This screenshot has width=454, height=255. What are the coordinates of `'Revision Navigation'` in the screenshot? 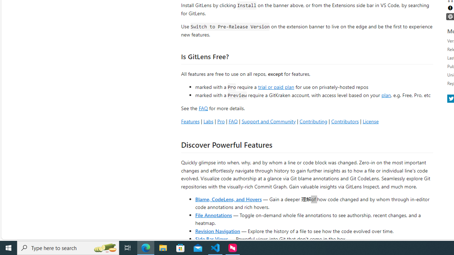 It's located at (217, 231).